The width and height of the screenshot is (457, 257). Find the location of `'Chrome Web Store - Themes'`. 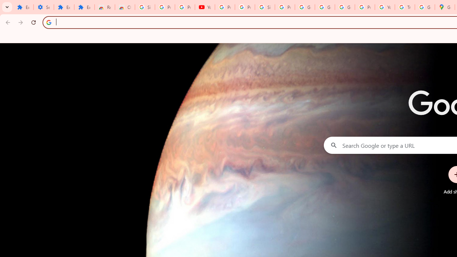

'Chrome Web Store - Themes' is located at coordinates (125, 7).